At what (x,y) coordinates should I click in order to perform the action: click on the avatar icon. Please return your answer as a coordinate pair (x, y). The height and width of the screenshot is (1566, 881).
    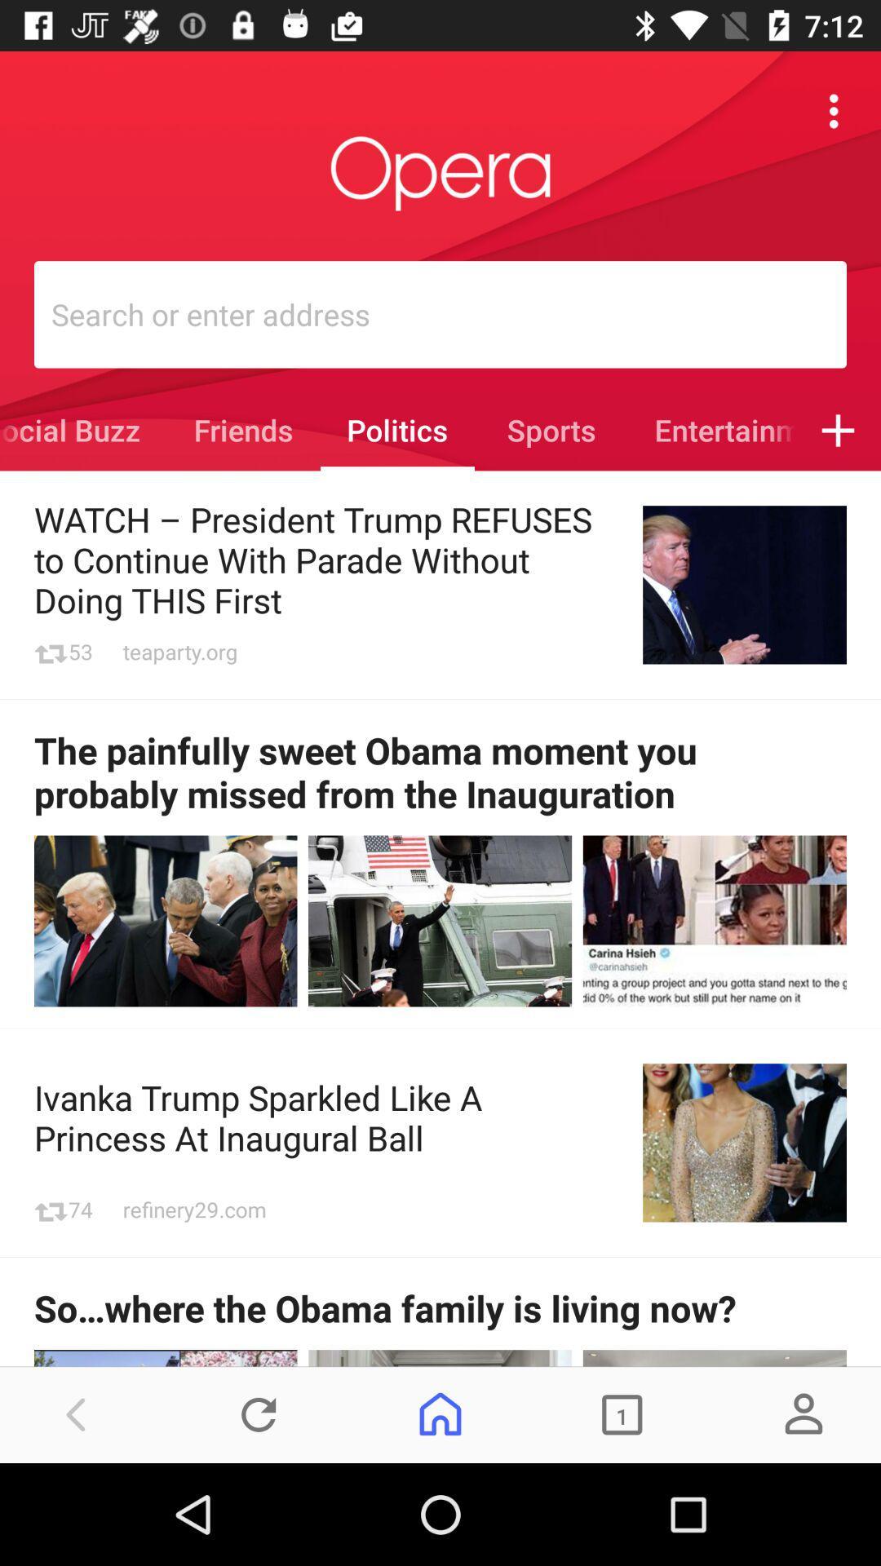
    Looking at the image, I should click on (803, 1413).